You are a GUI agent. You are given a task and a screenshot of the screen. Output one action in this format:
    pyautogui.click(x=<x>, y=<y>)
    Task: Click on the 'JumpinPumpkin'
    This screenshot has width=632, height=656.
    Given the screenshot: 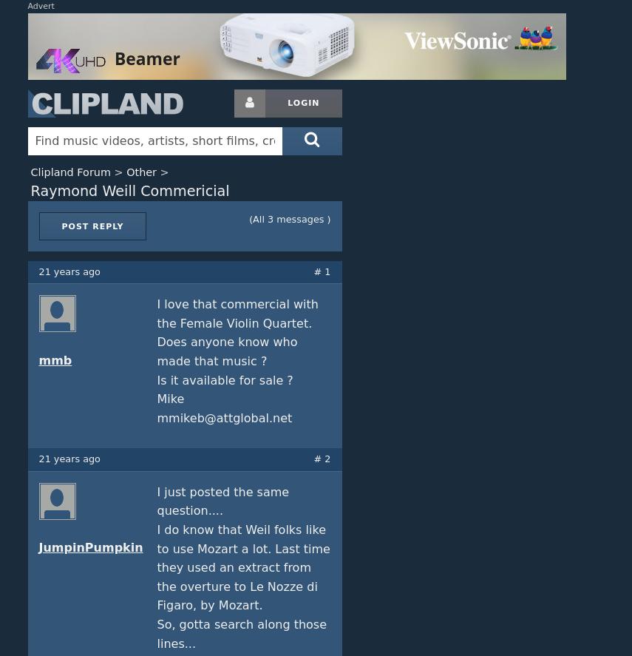 What is the action you would take?
    pyautogui.click(x=37, y=547)
    